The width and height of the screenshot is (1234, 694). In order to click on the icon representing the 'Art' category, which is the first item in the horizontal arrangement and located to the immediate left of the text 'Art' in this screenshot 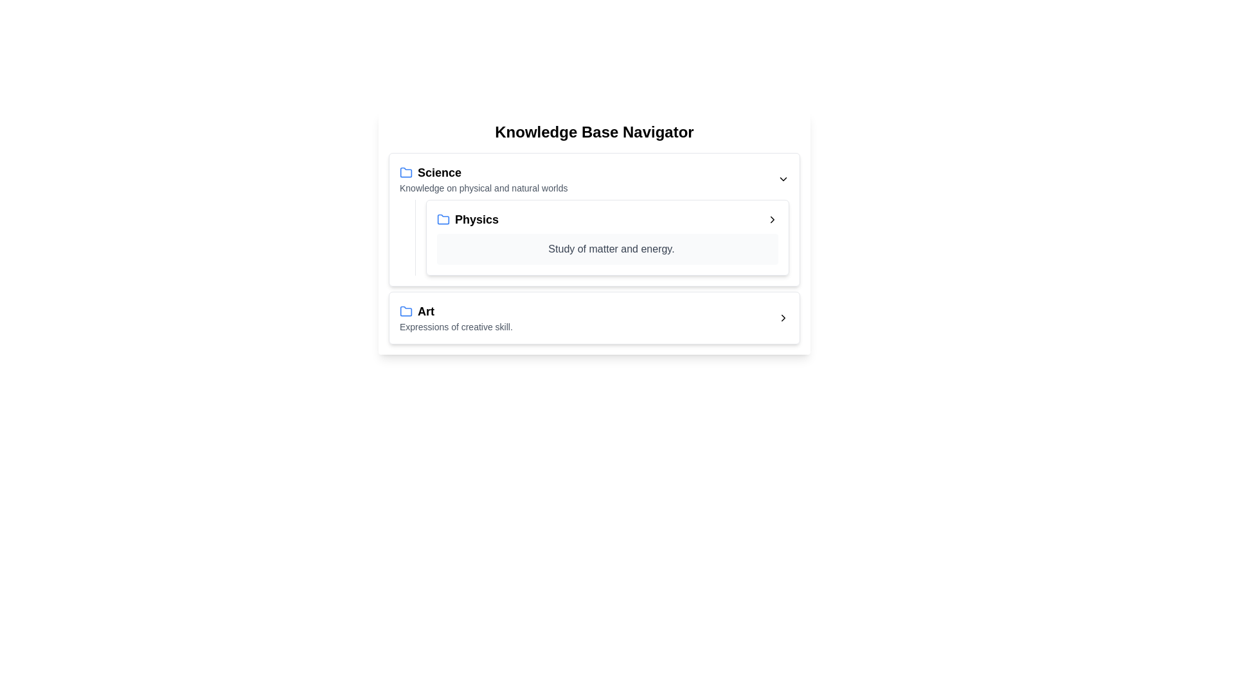, I will do `click(406, 312)`.